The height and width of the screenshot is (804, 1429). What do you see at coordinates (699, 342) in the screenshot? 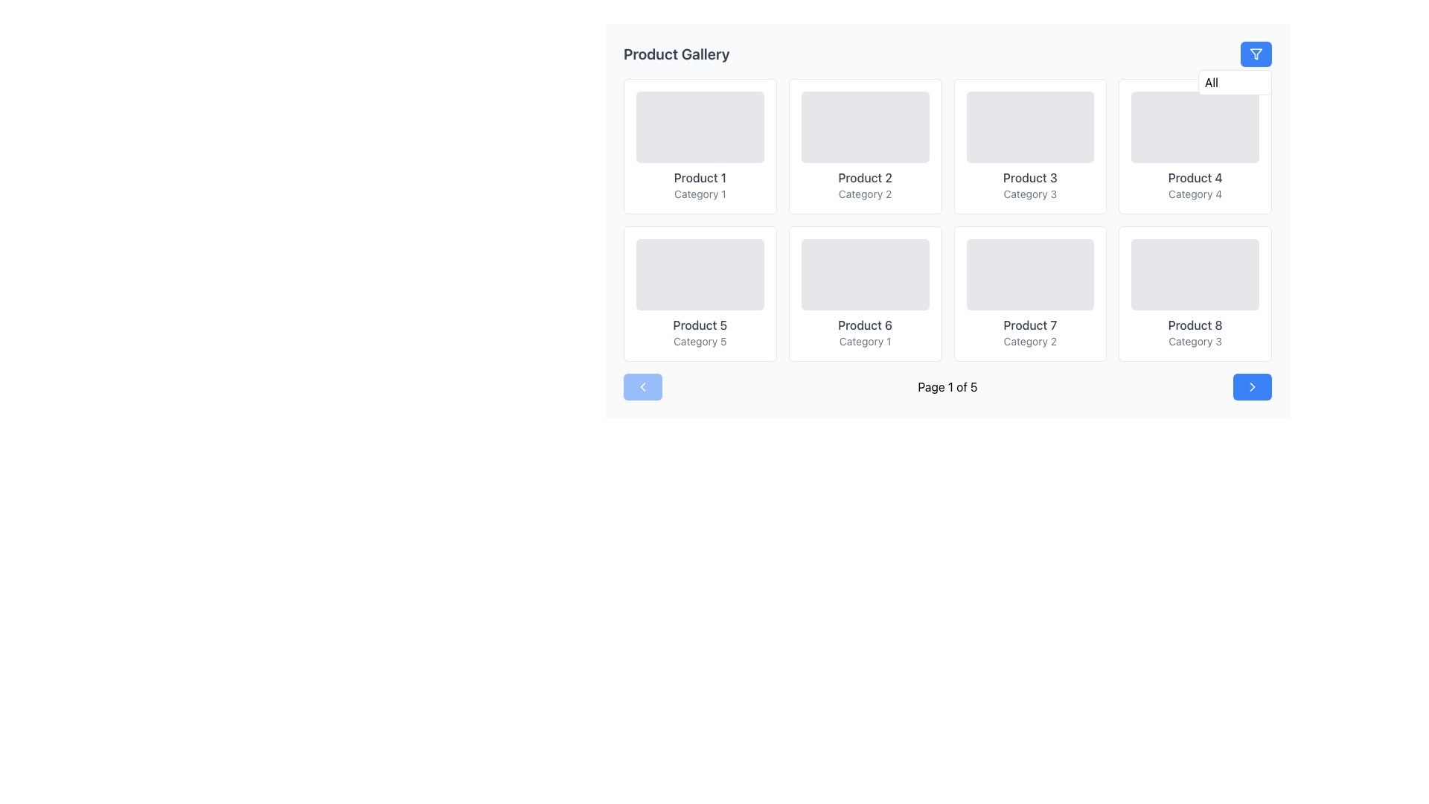
I see `the text label that displays the category of the product located in the 'Product 5' card, positioned directly below the 'Product 5' title` at bounding box center [699, 342].